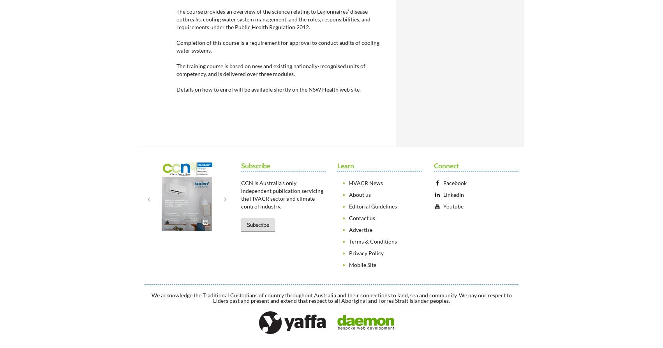 This screenshot has width=663, height=348. Describe the element at coordinates (346, 166) in the screenshot. I see `'Learn'` at that location.